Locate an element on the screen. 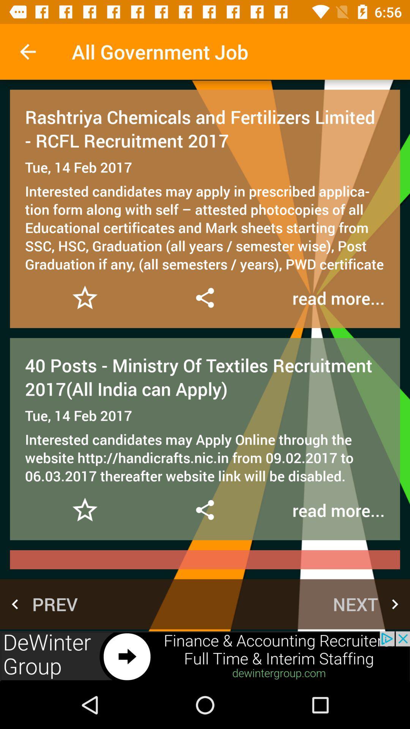  rating is located at coordinates (85, 510).